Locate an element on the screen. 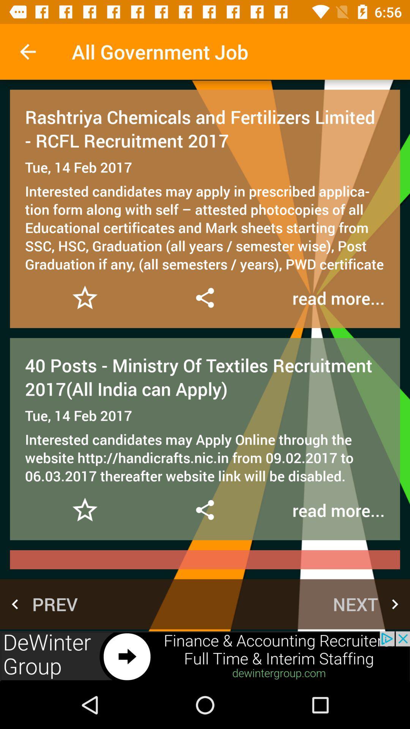  rating is located at coordinates (85, 510).